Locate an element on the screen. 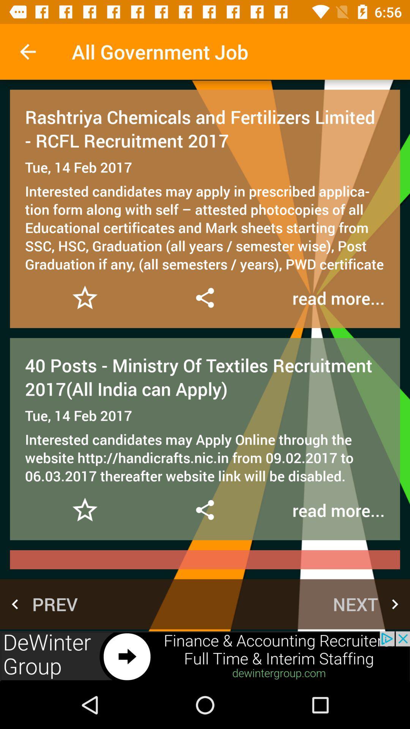  rating is located at coordinates (85, 510).